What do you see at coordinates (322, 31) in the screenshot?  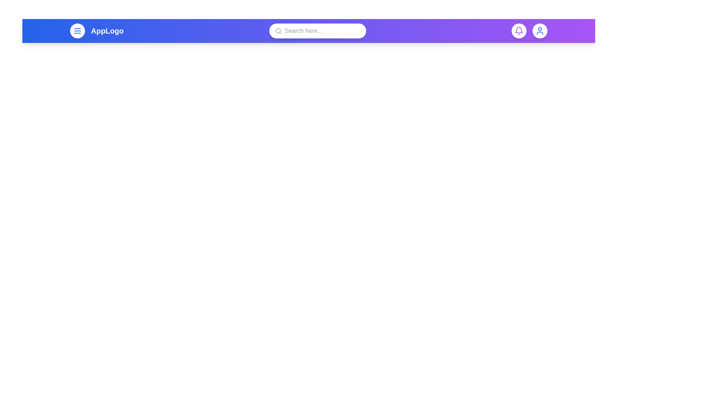 I see `the search bar and type 'example text'` at bounding box center [322, 31].